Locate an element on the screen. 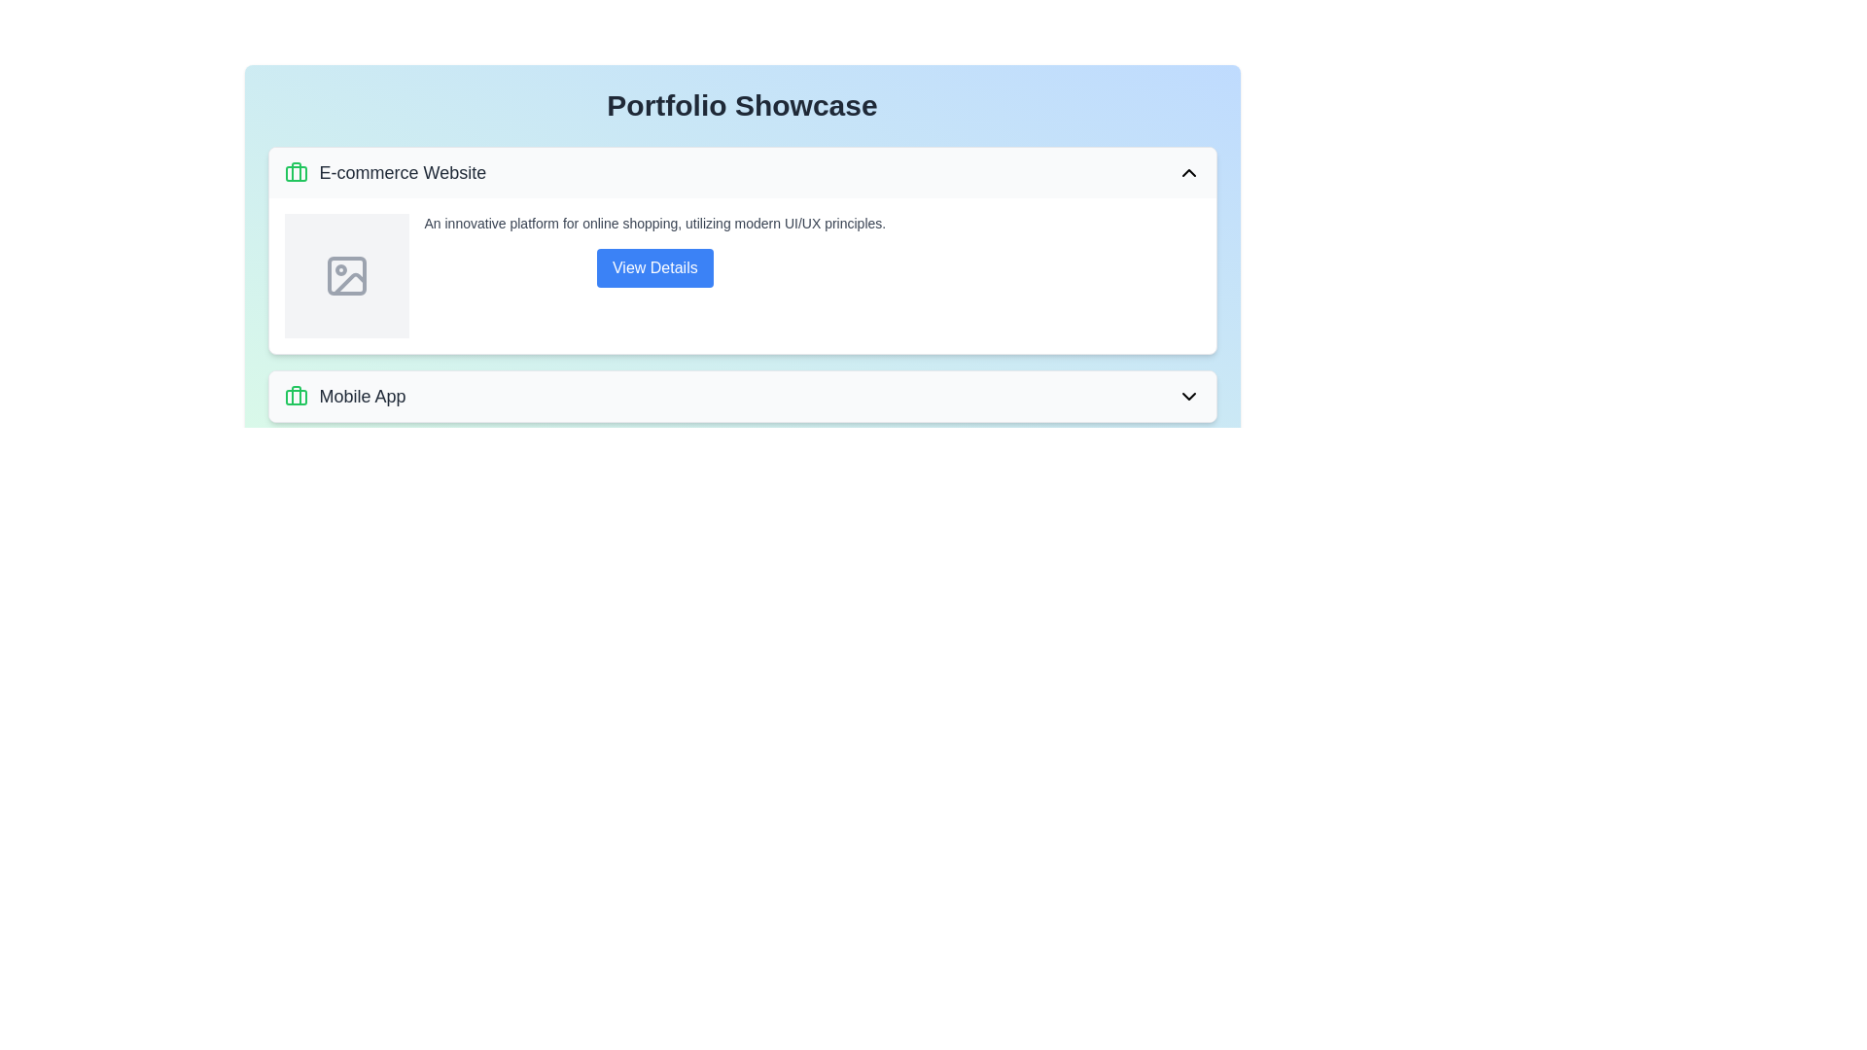 The image size is (1867, 1050). the green briefcase SVG icon located to the left of the 'Mobile App' text in the second section of the portfolio items list is located at coordinates (295, 396).